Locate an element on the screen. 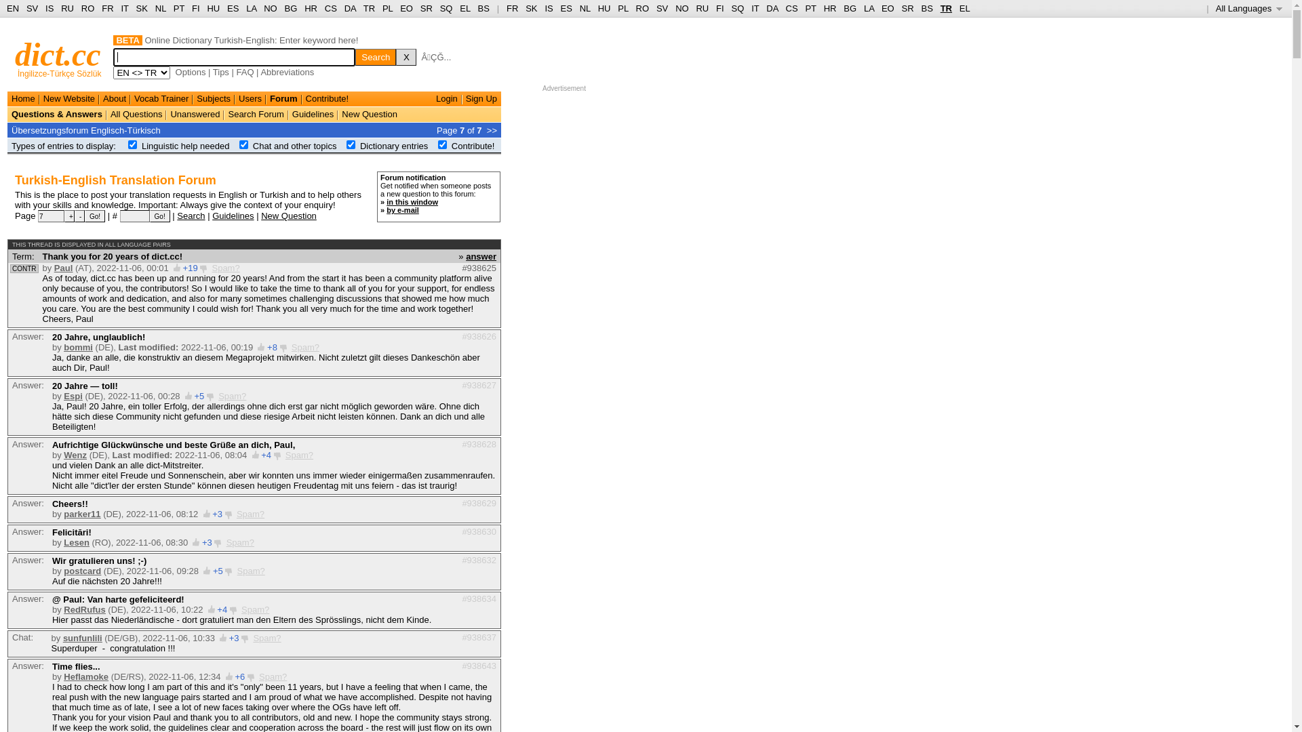 Image resolution: width=1302 pixels, height=732 pixels. 'ES' is located at coordinates (566, 8).